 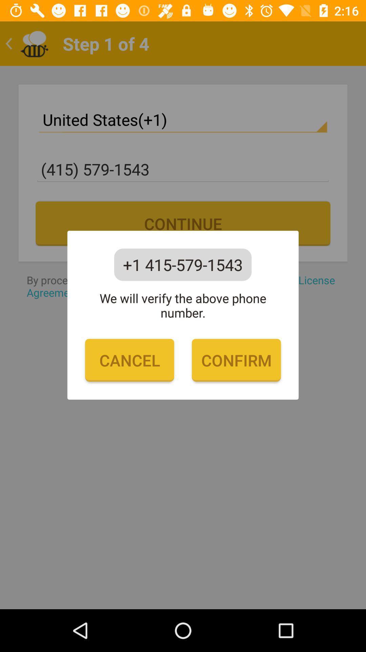 What do you see at coordinates (129, 360) in the screenshot?
I see `item to the left of the confirm item` at bounding box center [129, 360].